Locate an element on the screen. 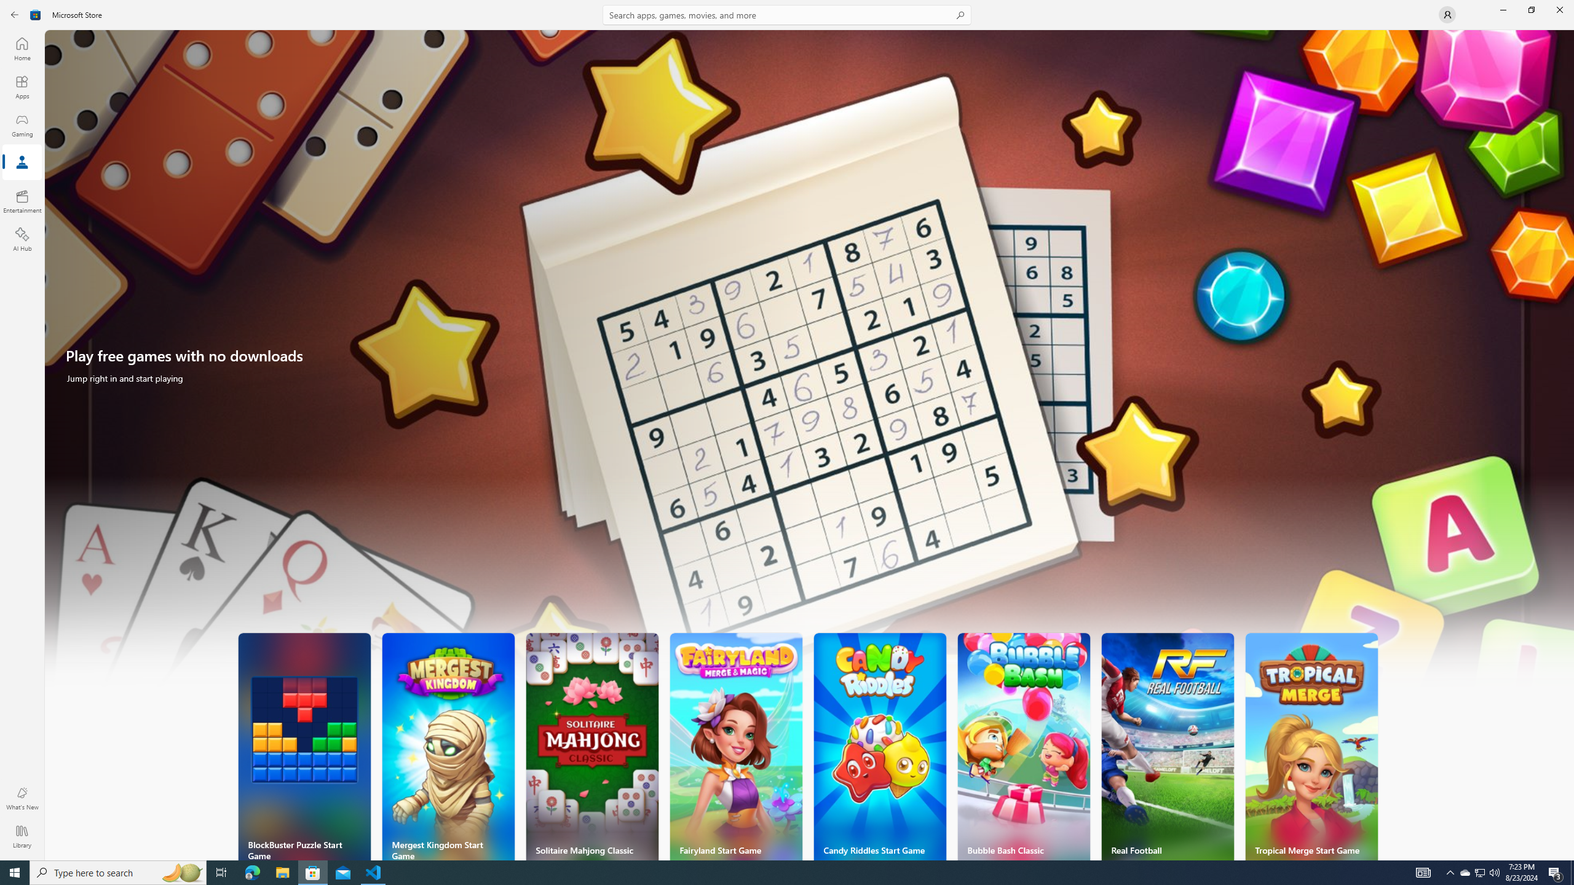  'AutomationID: HeroOverlayImage' is located at coordinates (809, 364).